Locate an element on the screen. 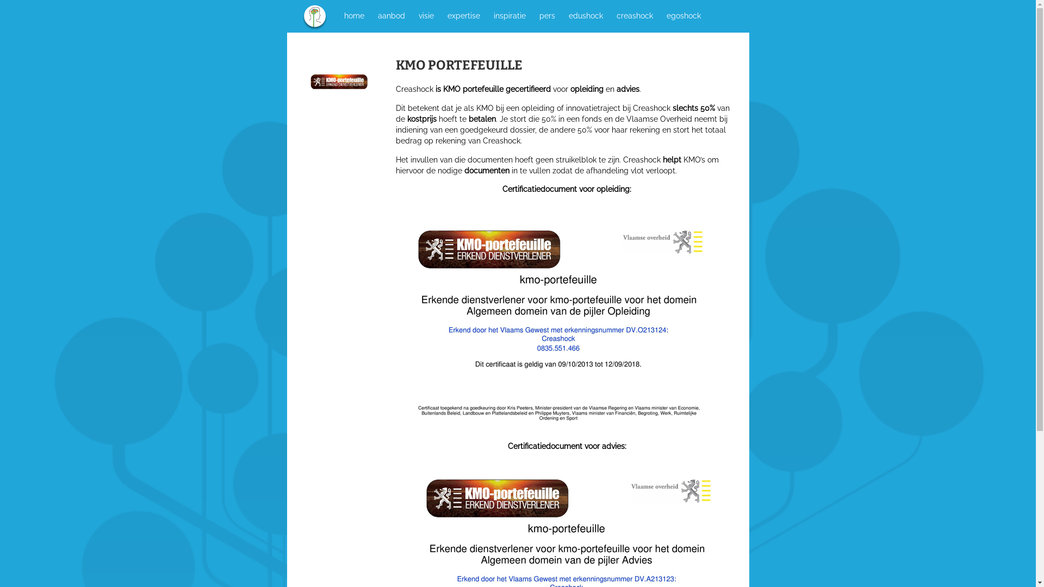  'creashock' is located at coordinates (634, 15).